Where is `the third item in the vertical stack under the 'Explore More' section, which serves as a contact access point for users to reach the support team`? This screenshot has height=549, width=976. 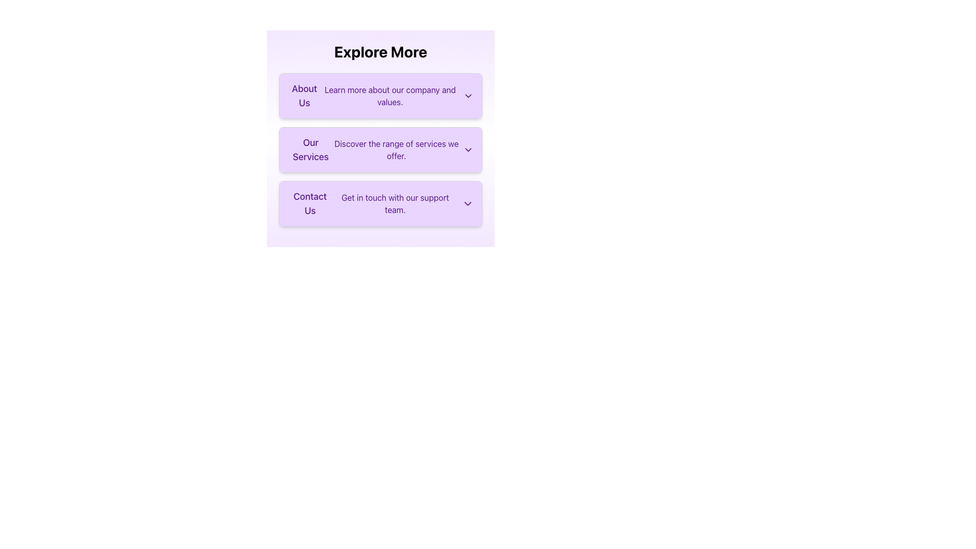 the third item in the vertical stack under the 'Explore More' section, which serves as a contact access point for users to reach the support team is located at coordinates (380, 204).